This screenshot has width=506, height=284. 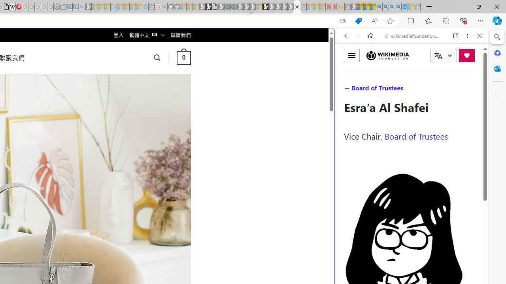 I want to click on 'Search Filter, WEB', so click(x=348, y=90).